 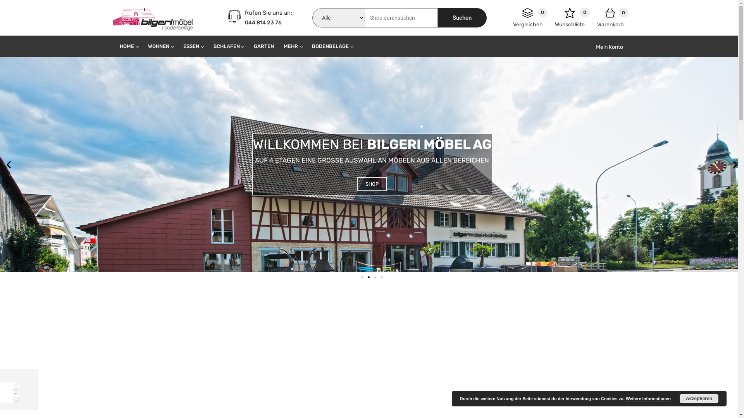 I want to click on 'WOHNEN', so click(x=158, y=46).